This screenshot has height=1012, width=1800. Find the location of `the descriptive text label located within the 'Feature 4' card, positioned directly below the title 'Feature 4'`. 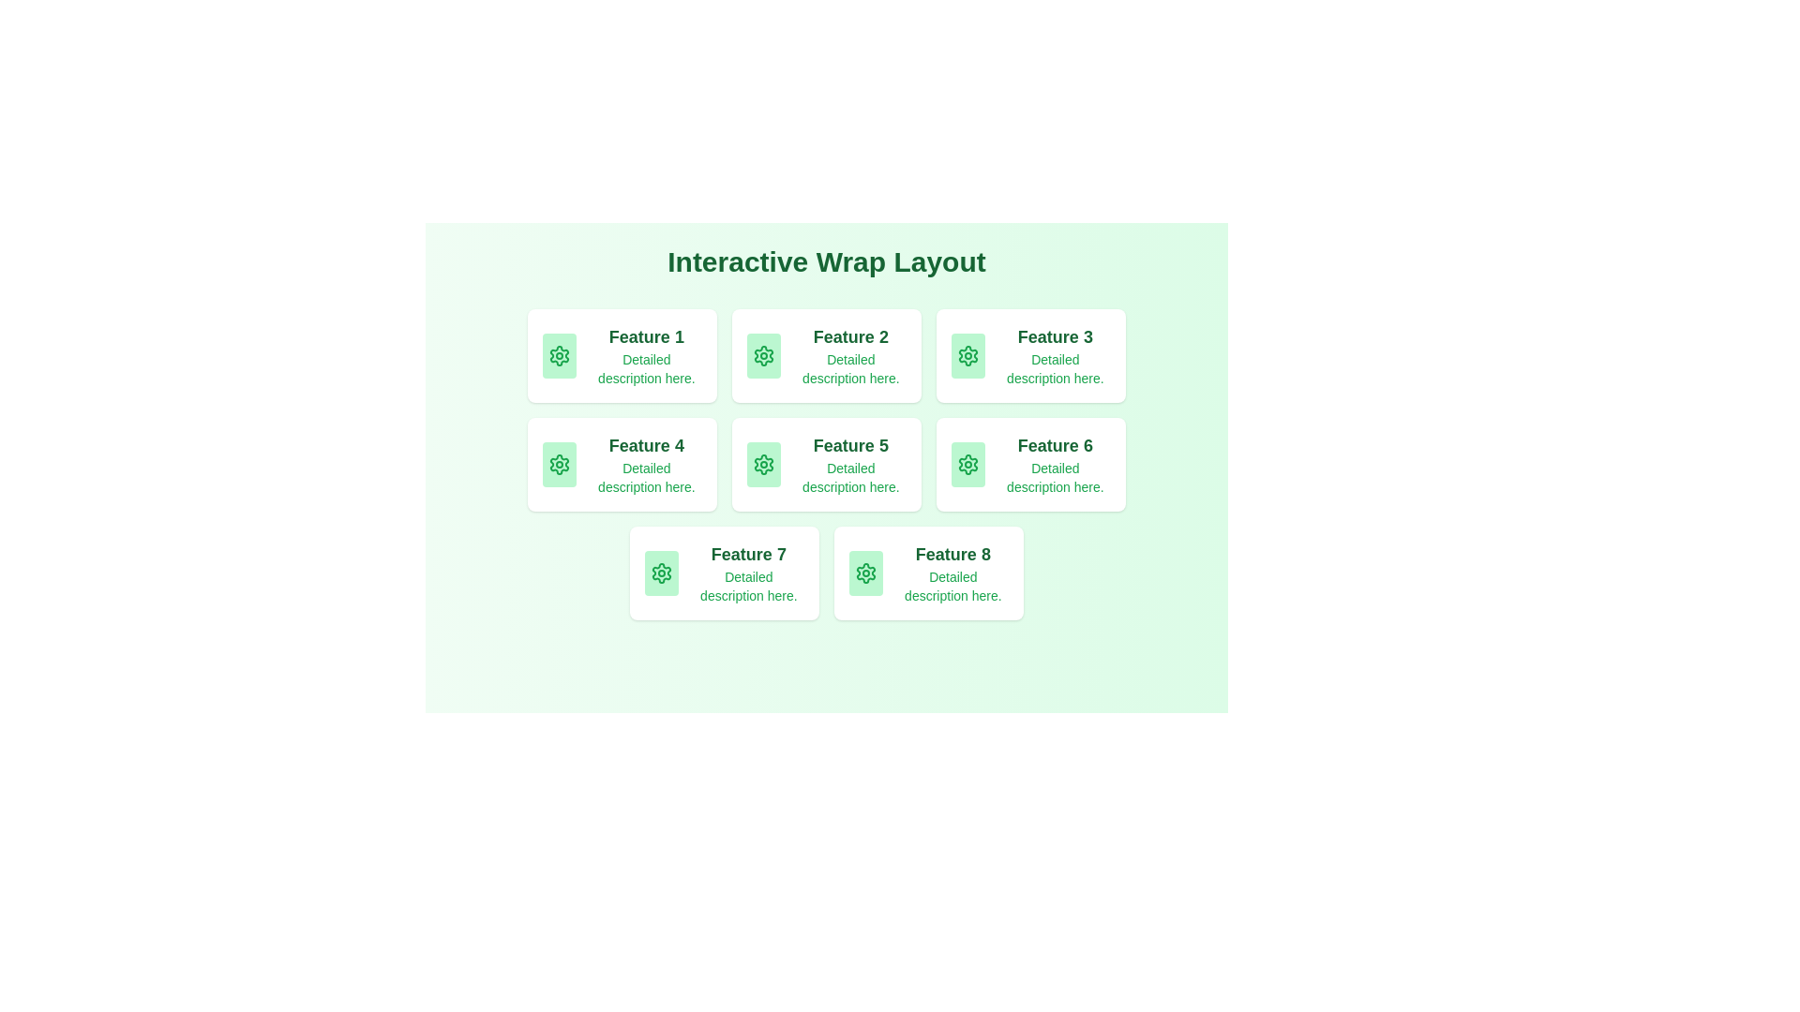

the descriptive text label located within the 'Feature 4' card, positioned directly below the title 'Feature 4' is located at coordinates (646, 476).